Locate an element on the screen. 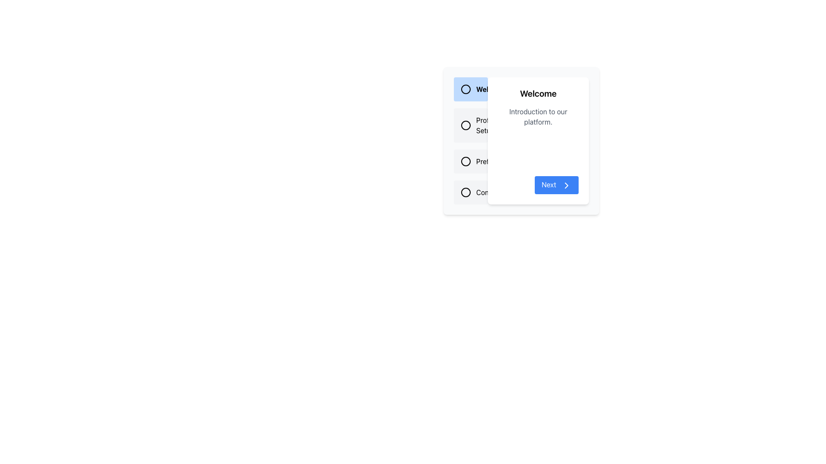 The image size is (826, 464). the circular shape representing the unselected option in the third radio button labeled 'Preferences' is located at coordinates (465, 161).